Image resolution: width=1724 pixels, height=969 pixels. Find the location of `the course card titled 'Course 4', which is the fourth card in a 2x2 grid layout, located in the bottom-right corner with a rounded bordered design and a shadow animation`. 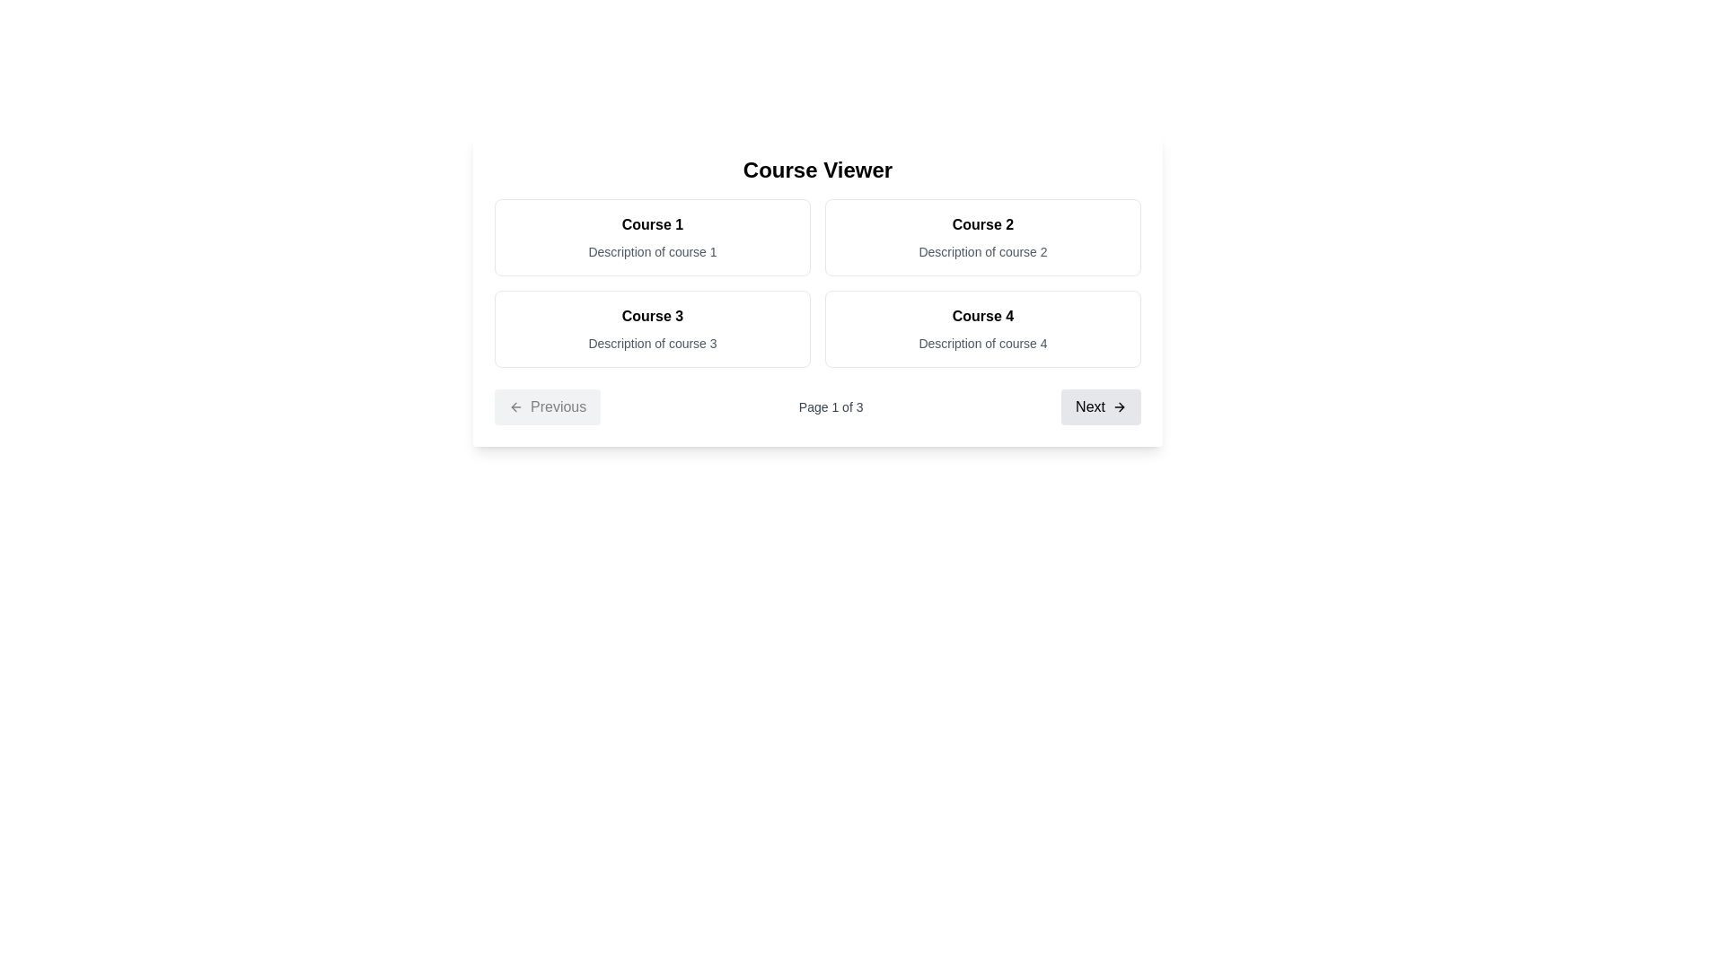

the course card titled 'Course 4', which is the fourth card in a 2x2 grid layout, located in the bottom-right corner with a rounded bordered design and a shadow animation is located at coordinates (981, 328).